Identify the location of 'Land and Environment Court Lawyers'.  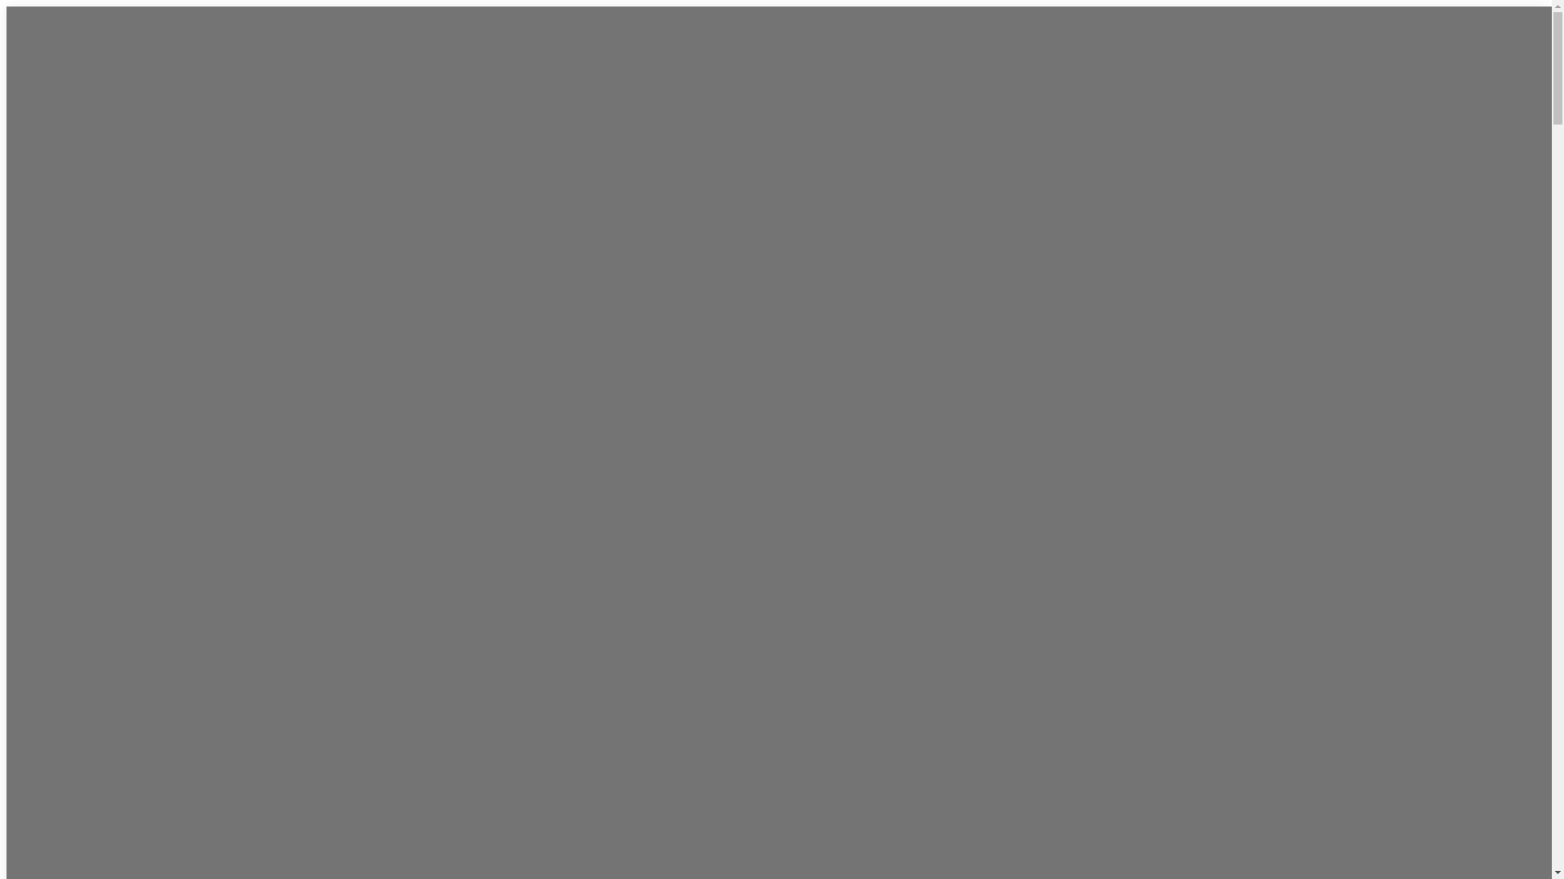
(757, 138).